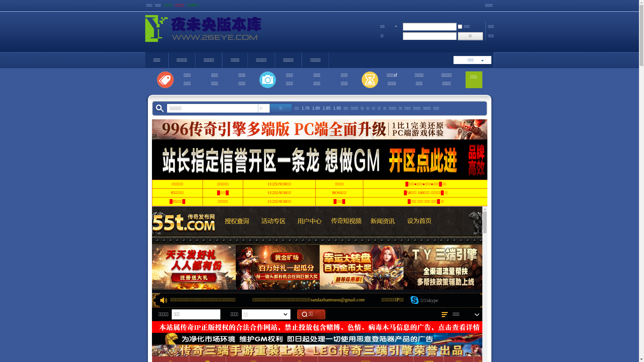 This screenshot has width=644, height=362. Describe the element at coordinates (301, 108) in the screenshot. I see `'1.76'` at that location.